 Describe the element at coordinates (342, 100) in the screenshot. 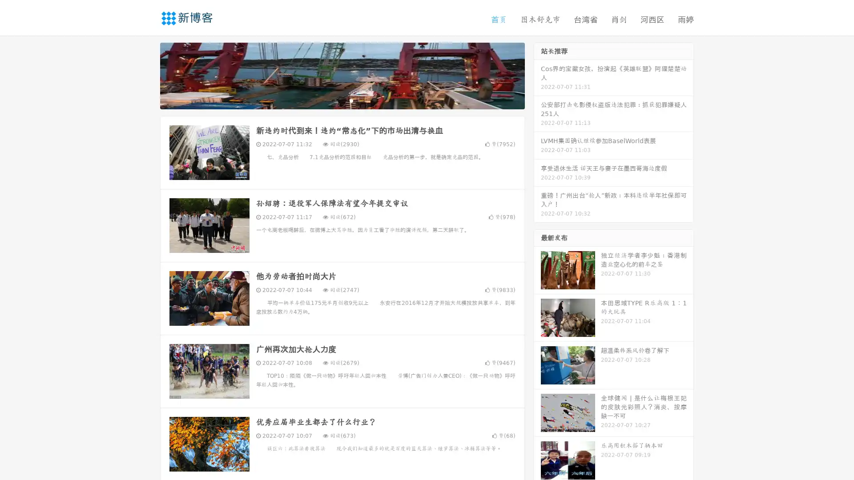

I see `Go to slide 2` at that location.